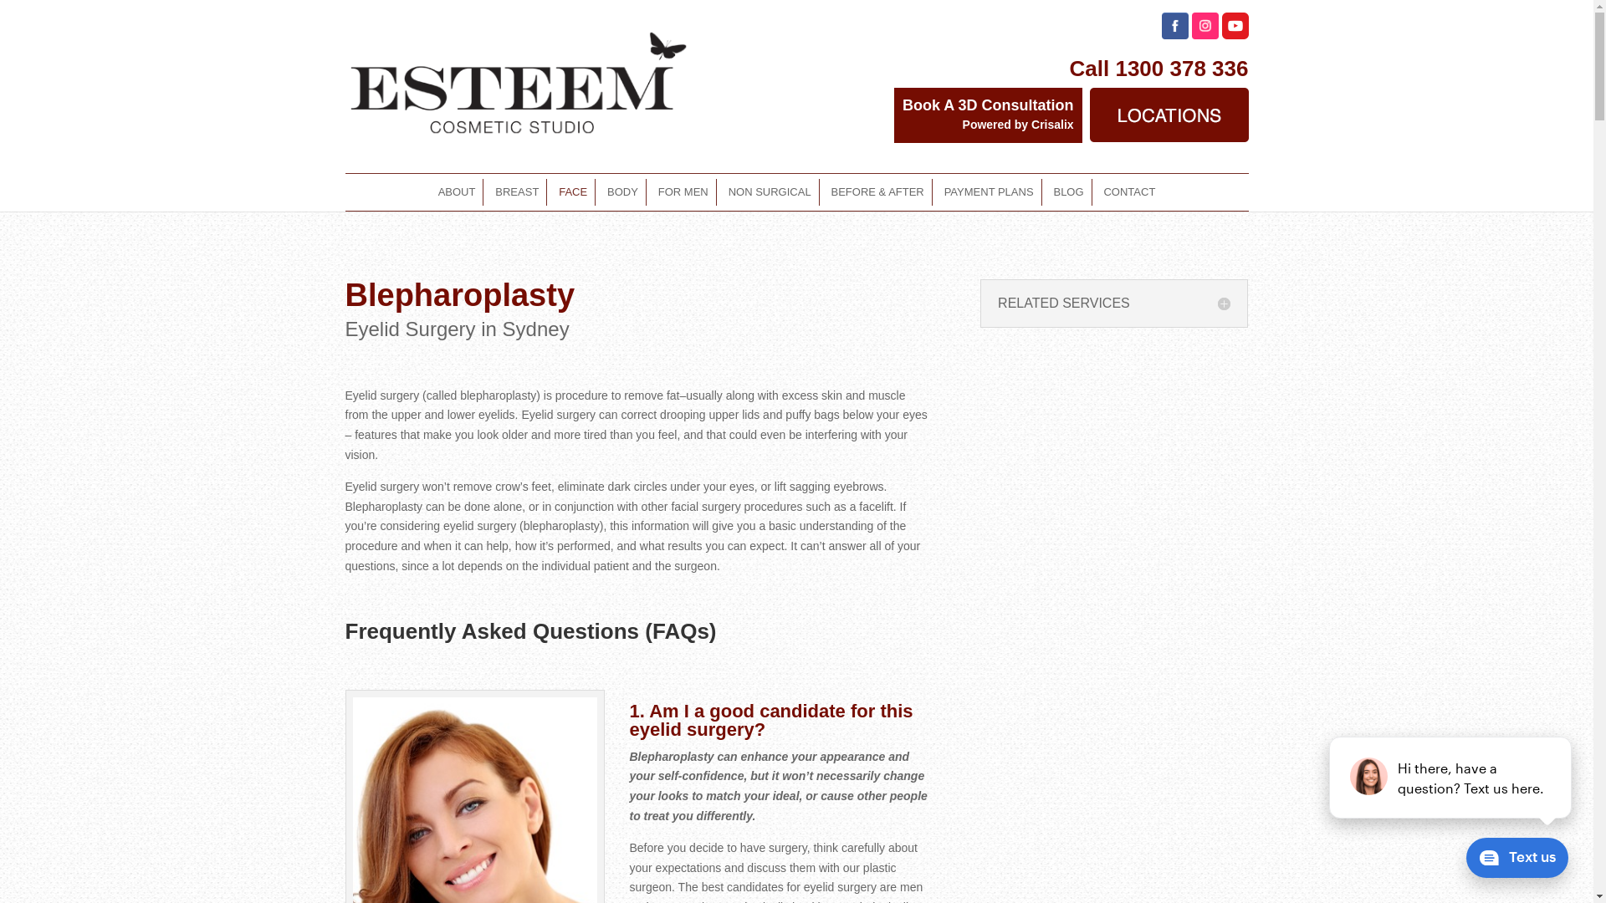 This screenshot has width=1606, height=903. Describe the element at coordinates (516, 191) in the screenshot. I see `'BREAST'` at that location.